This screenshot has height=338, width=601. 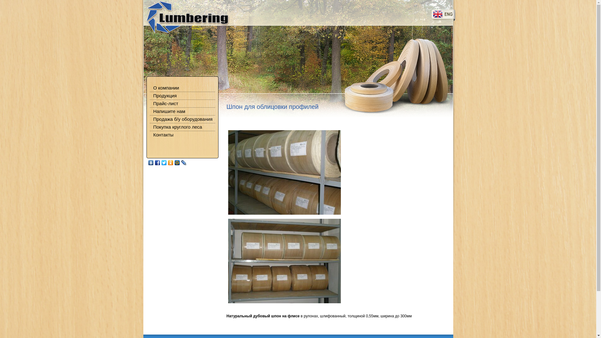 I want to click on 'LiveJournal', so click(x=183, y=162).